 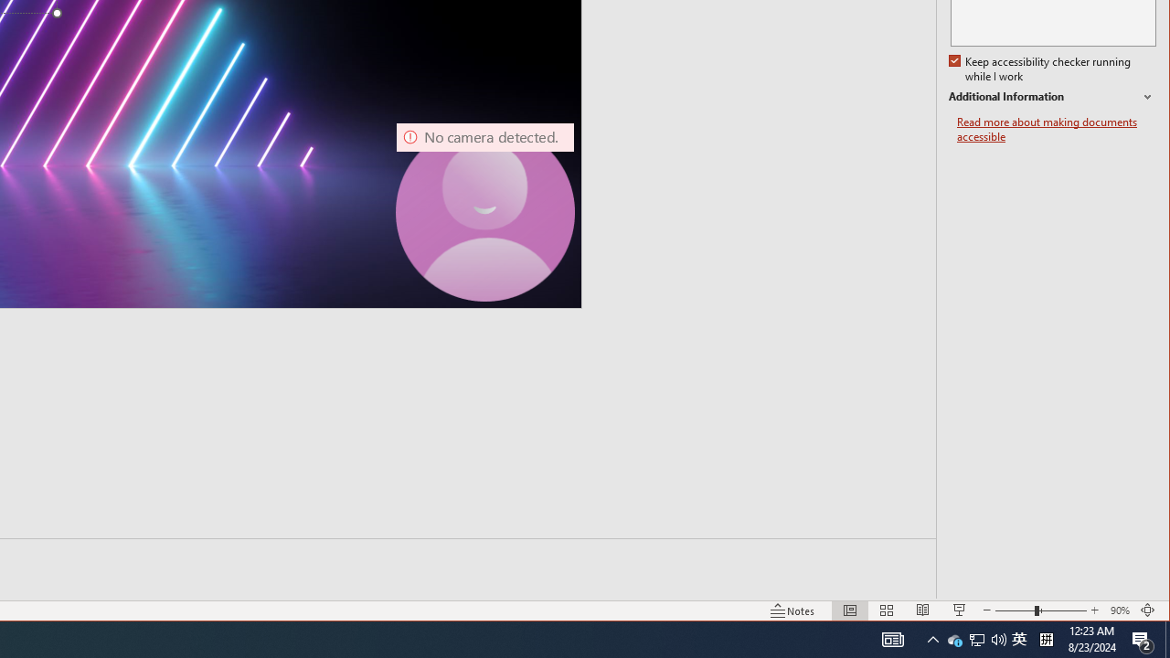 I want to click on 'Q2790: 100%', so click(x=954, y=638).